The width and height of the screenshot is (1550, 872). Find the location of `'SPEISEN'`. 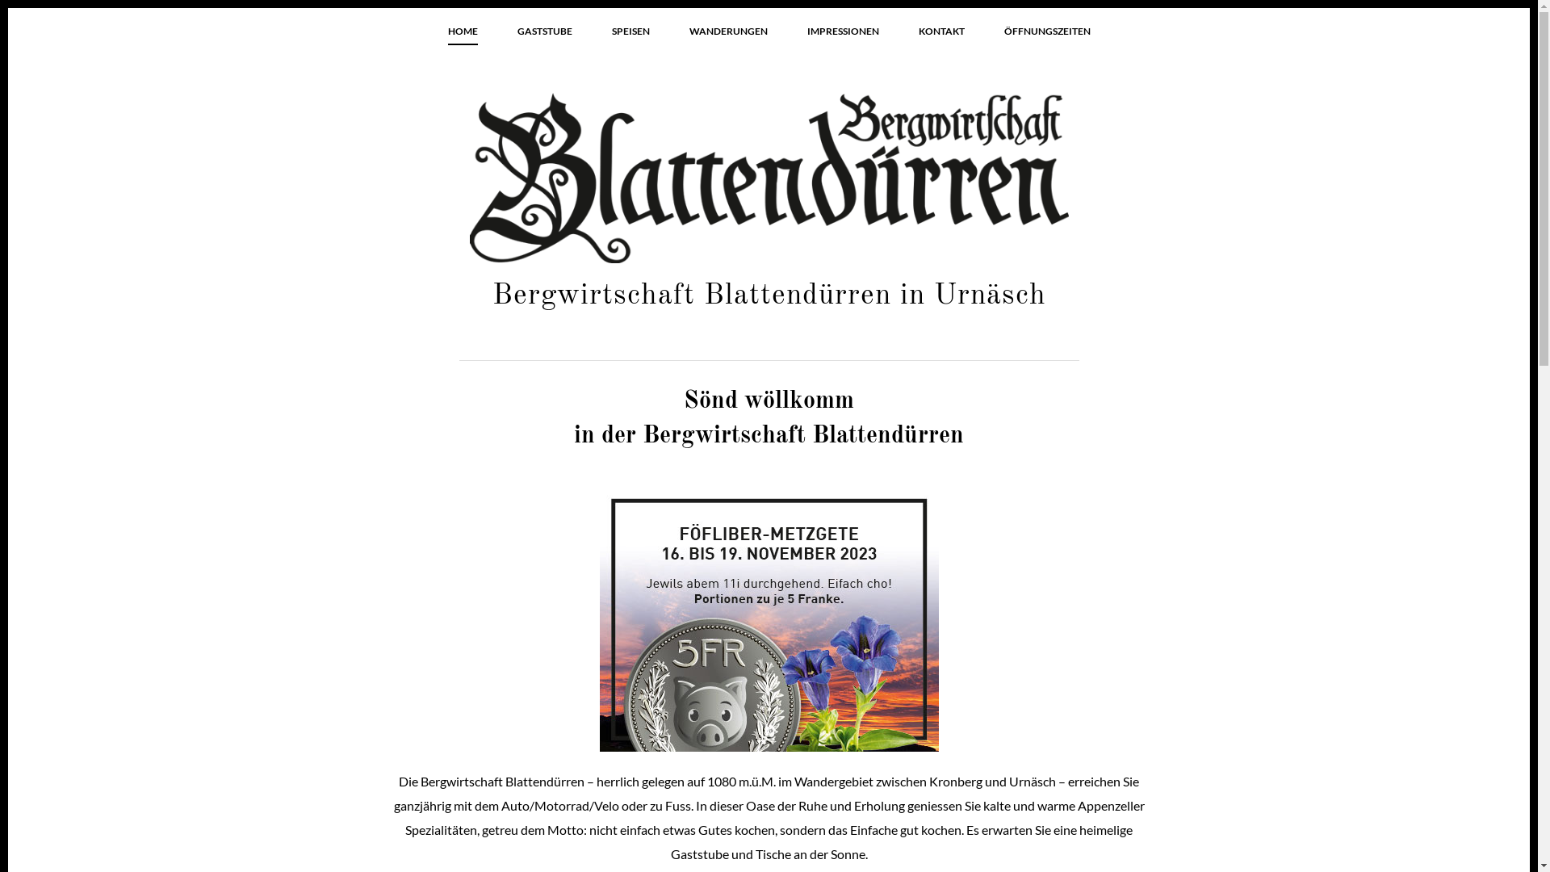

'SPEISEN' is located at coordinates (592, 31).